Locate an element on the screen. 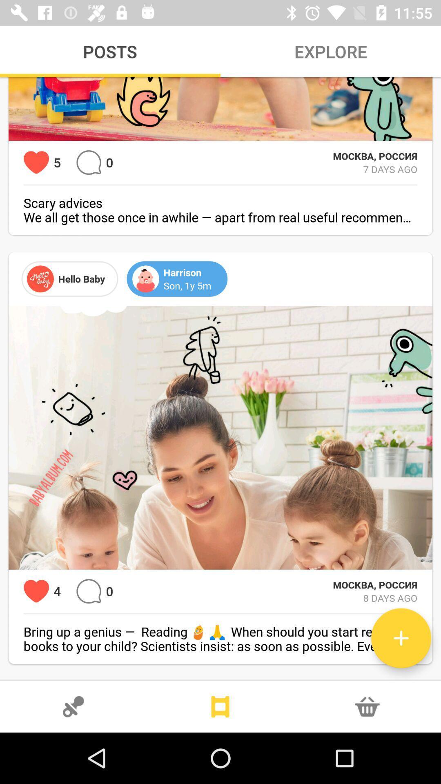  love is located at coordinates (36, 163).